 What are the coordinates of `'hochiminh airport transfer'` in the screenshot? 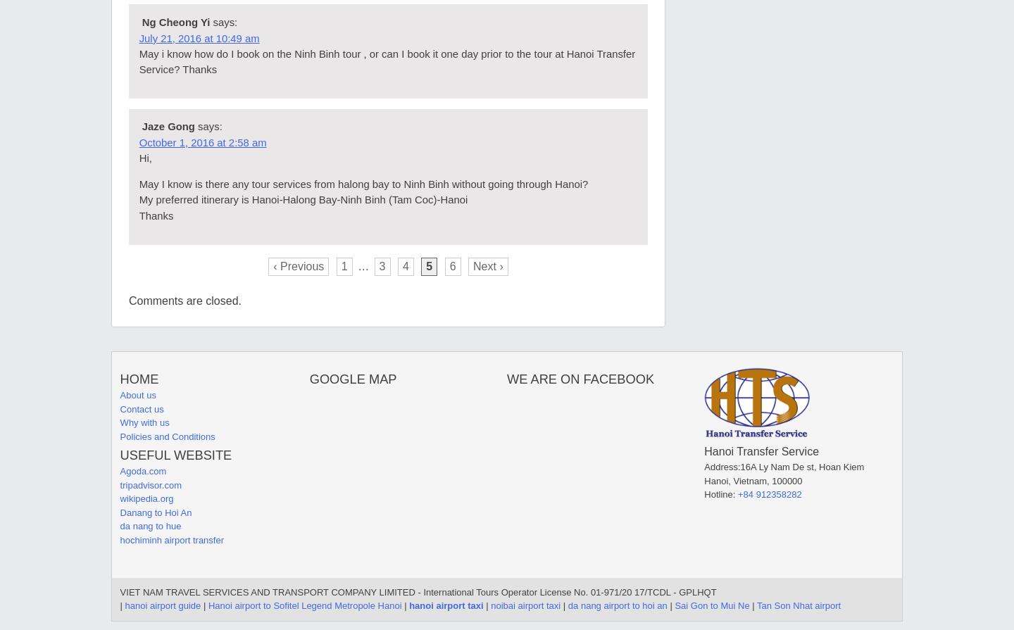 It's located at (170, 538).